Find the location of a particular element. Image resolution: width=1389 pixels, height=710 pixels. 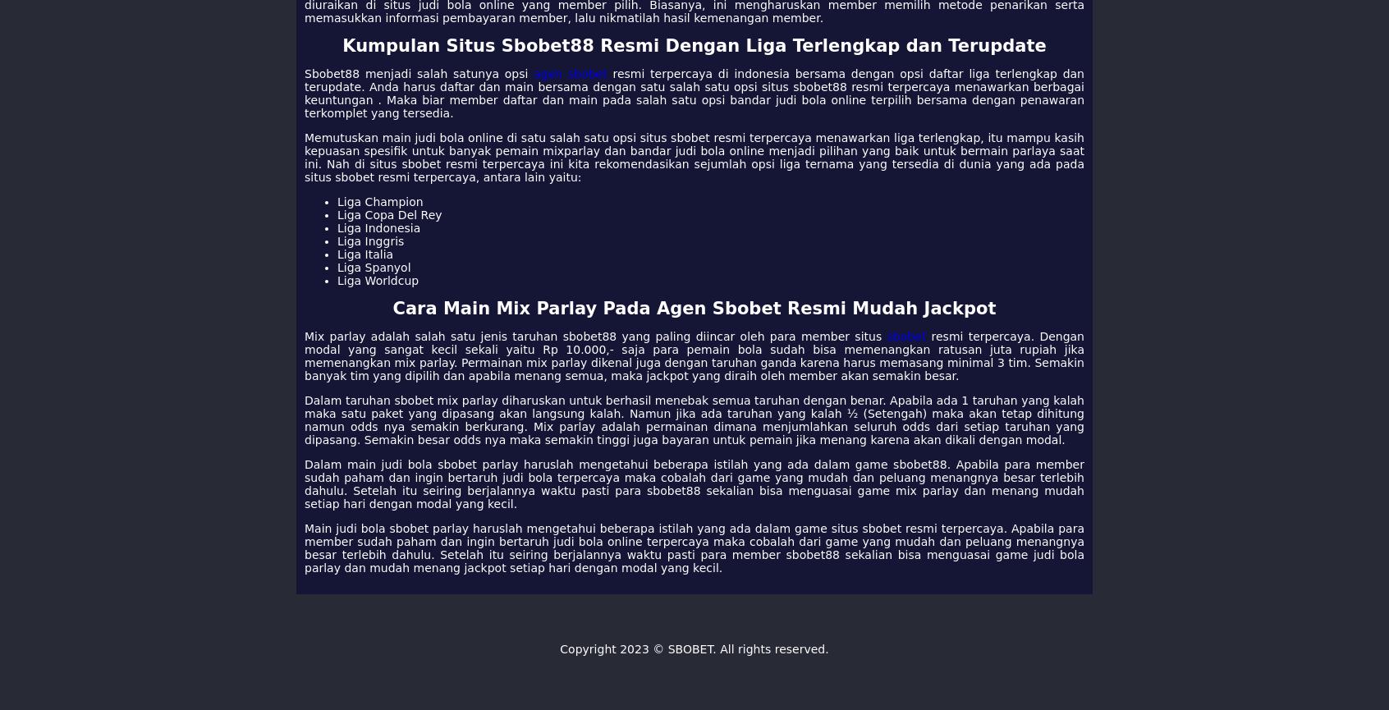

'Liga Champion' is located at coordinates (378, 201).